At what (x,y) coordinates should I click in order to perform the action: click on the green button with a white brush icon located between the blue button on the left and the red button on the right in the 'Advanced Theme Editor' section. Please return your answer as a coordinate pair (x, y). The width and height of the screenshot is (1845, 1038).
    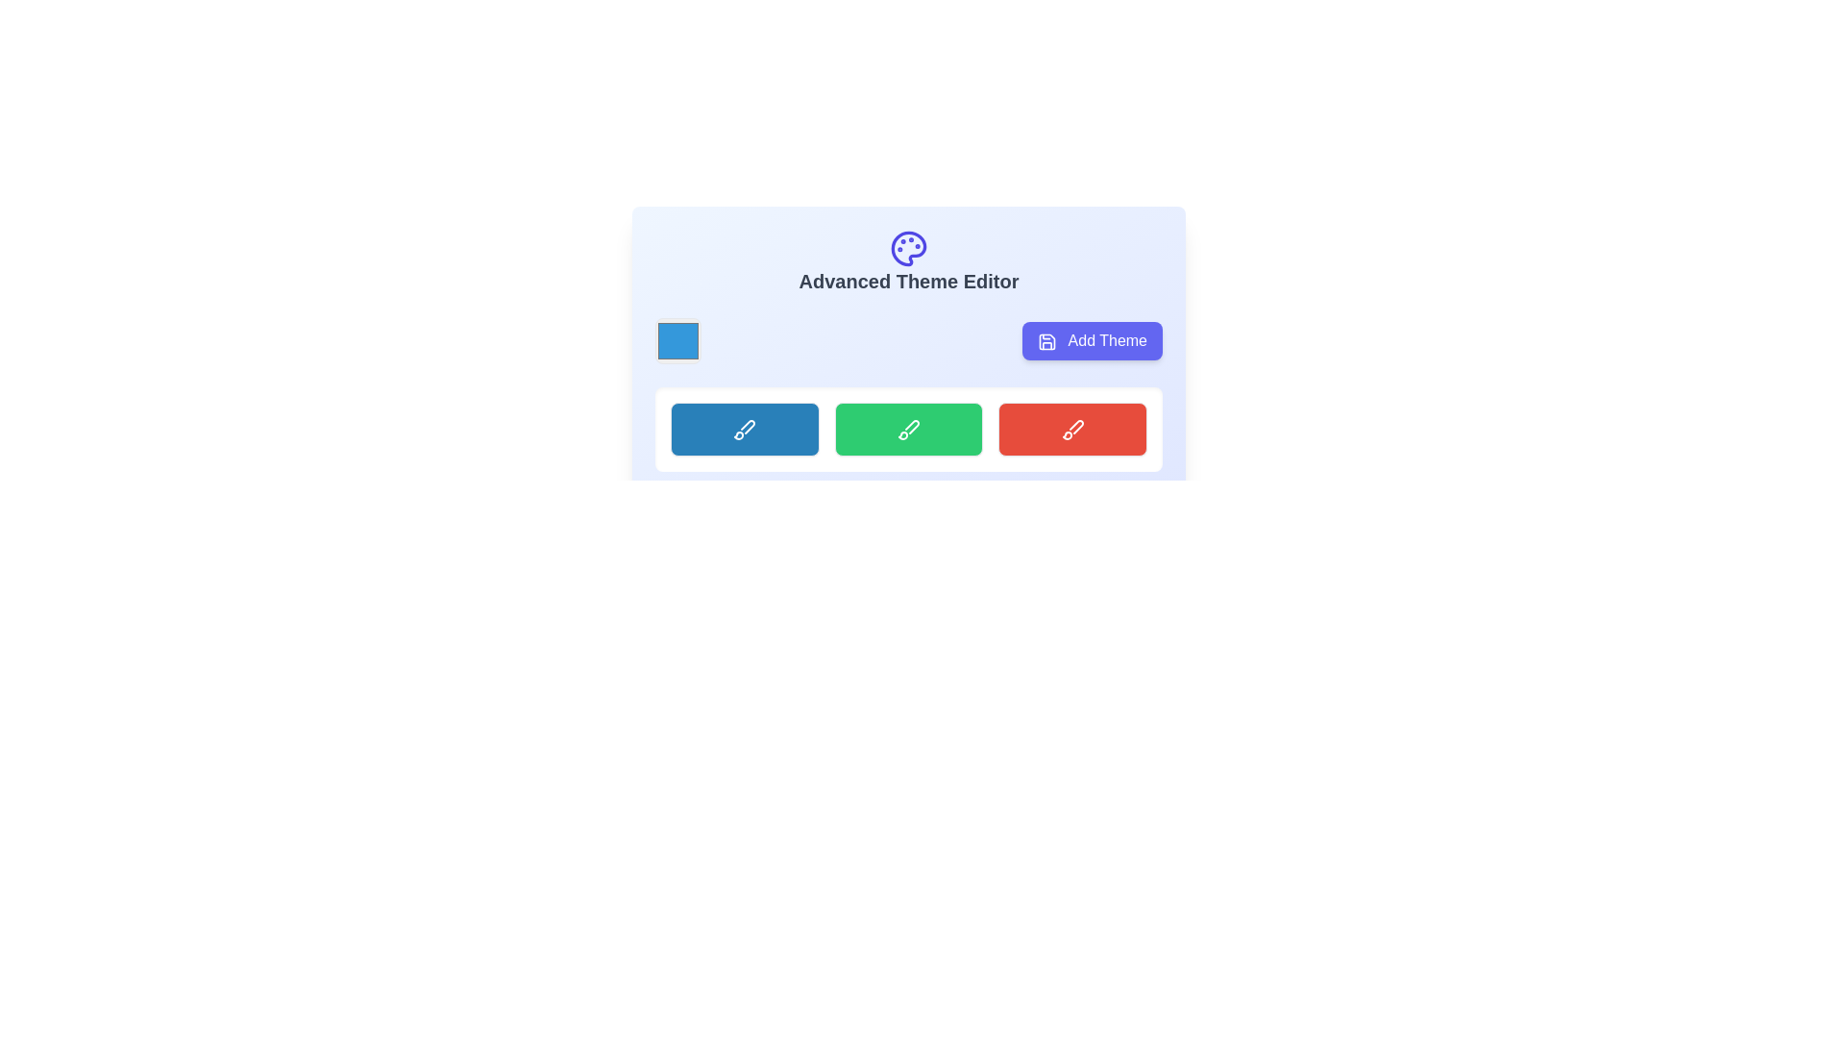
    Looking at the image, I should click on (907, 429).